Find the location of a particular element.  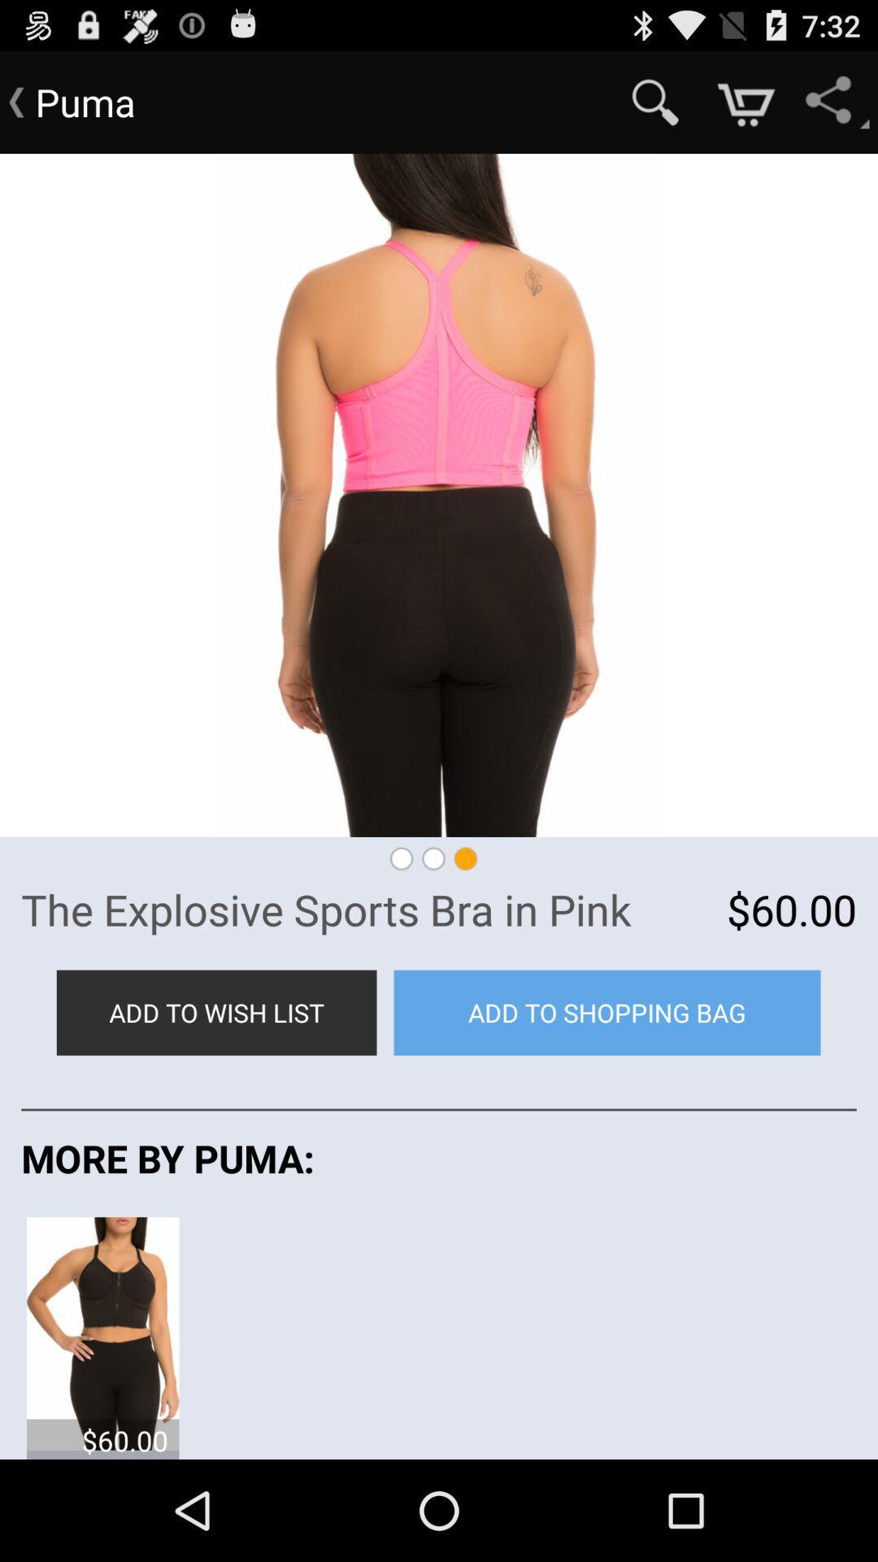

app next to puma app is located at coordinates (654, 101).